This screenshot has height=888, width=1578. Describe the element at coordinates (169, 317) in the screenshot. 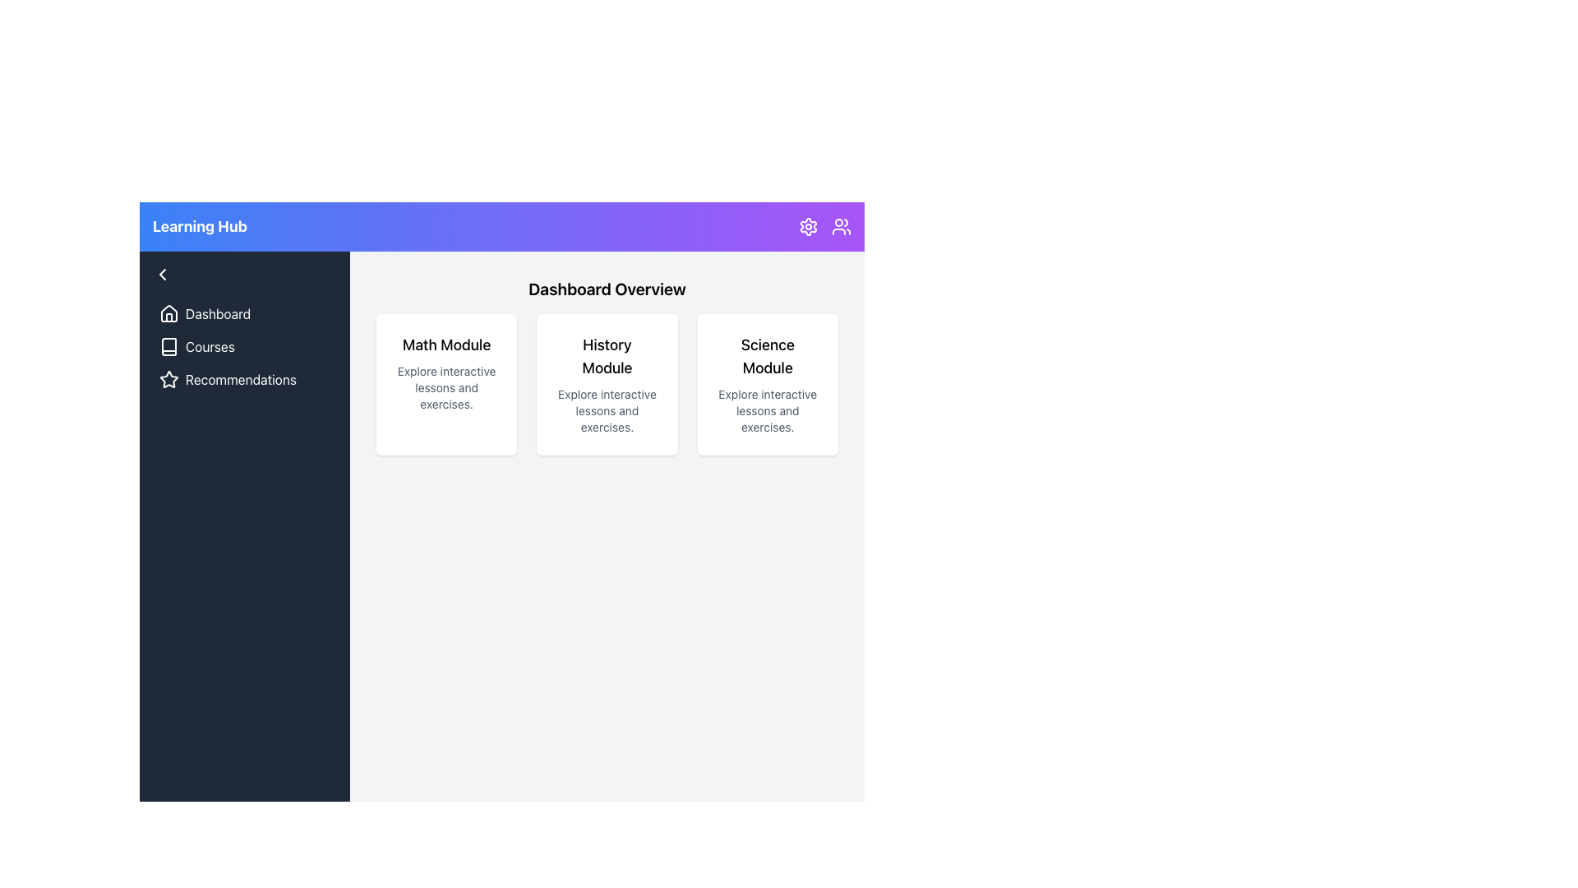

I see `the decorative vector graphic part of the house-shaped icon located in the top-left corner of the vertical navigation bar` at that location.